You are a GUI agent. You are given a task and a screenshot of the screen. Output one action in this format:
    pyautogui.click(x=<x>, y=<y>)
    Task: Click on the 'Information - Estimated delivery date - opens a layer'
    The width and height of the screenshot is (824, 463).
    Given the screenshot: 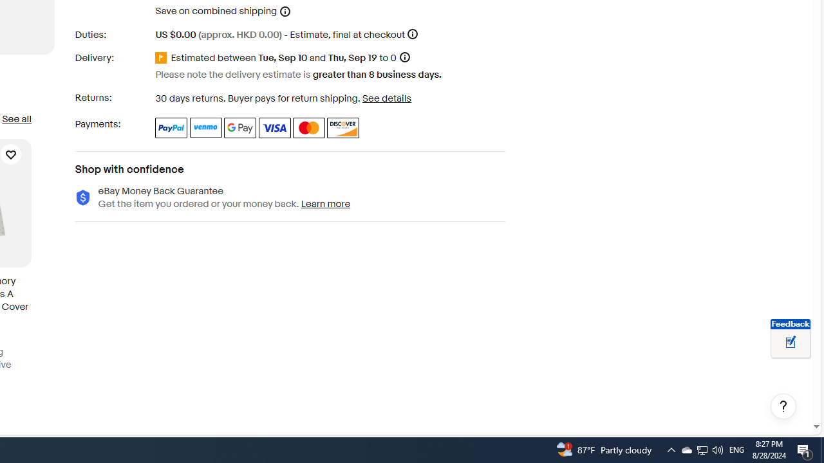 What is the action you would take?
    pyautogui.click(x=404, y=57)
    